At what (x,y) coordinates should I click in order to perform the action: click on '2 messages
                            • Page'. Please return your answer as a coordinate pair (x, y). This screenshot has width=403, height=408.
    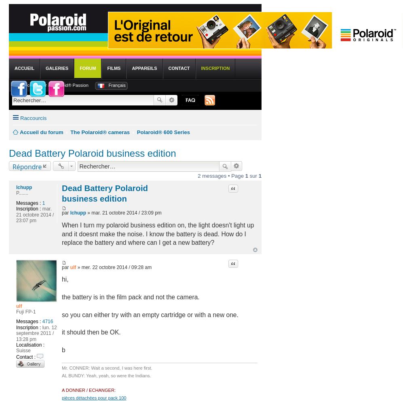
    Looking at the image, I should click on (221, 176).